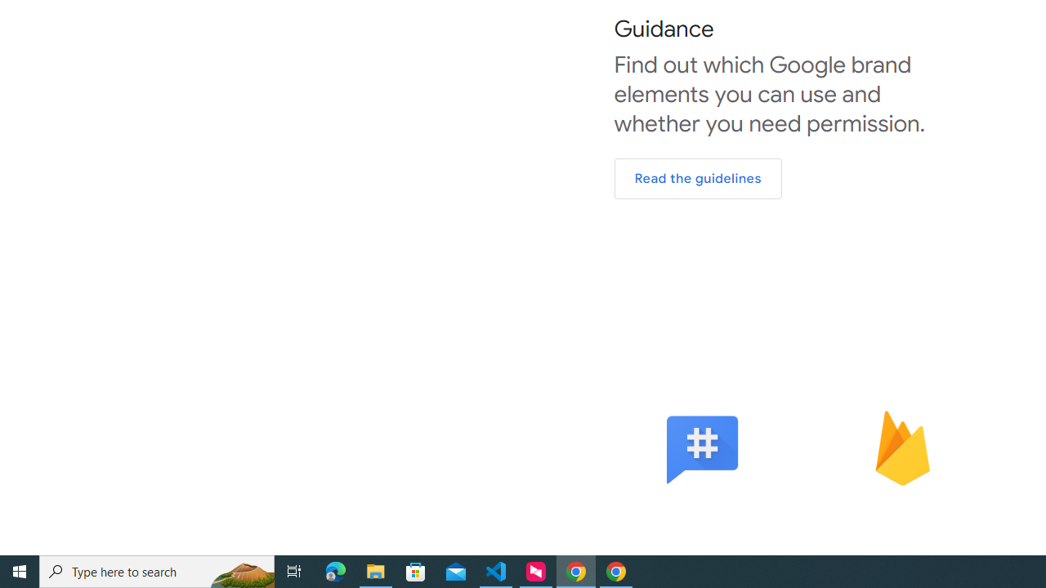 This screenshot has width=1046, height=588. Describe the element at coordinates (698, 179) in the screenshot. I see `'Read the guidelines'` at that location.